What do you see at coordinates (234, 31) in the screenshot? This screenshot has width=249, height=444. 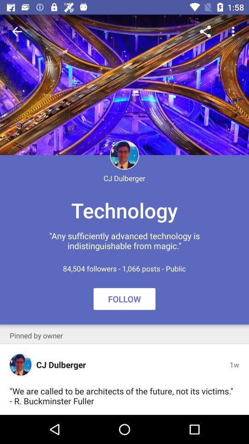 I see `the three vertical dot icon at the top right corner of the page` at bounding box center [234, 31].